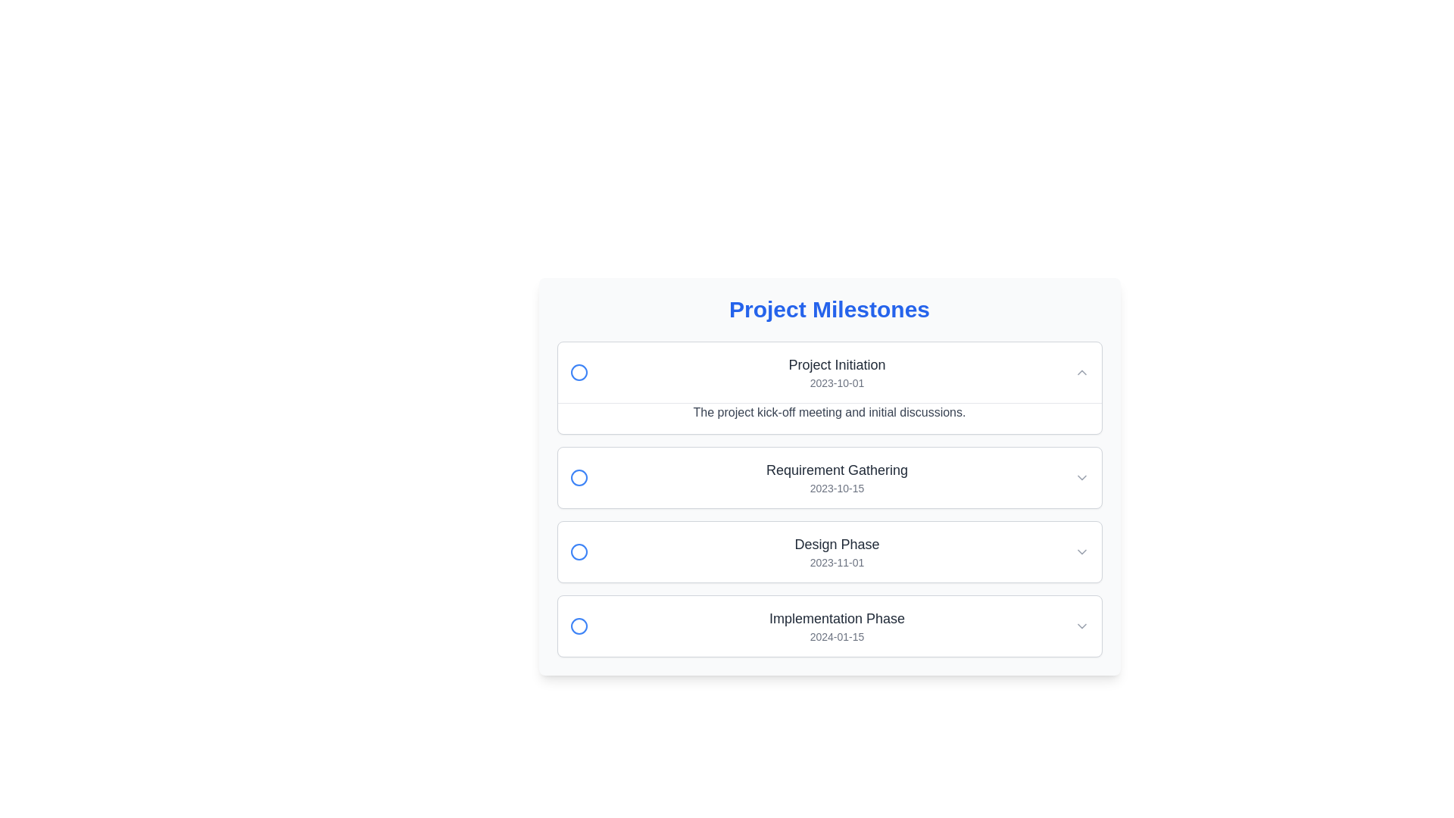 The height and width of the screenshot is (818, 1454). What do you see at coordinates (1081, 552) in the screenshot?
I see `the downward-pointing chevron icon next to the label 'Design Phase'` at bounding box center [1081, 552].